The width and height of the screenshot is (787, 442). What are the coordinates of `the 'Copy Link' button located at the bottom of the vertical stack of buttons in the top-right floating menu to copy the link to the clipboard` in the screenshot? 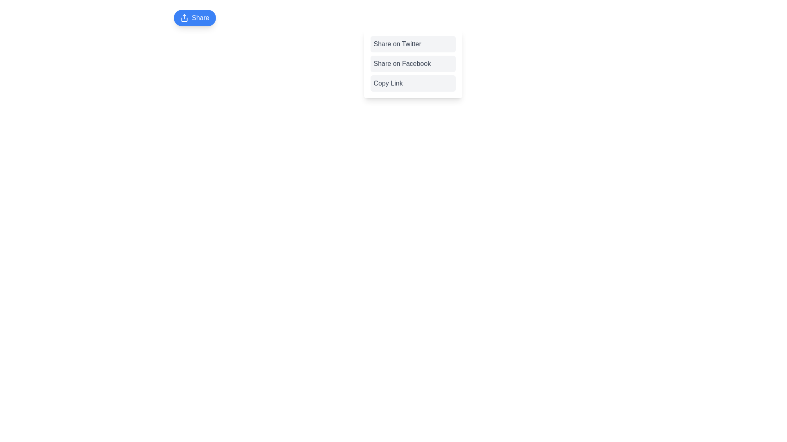 It's located at (413, 83).